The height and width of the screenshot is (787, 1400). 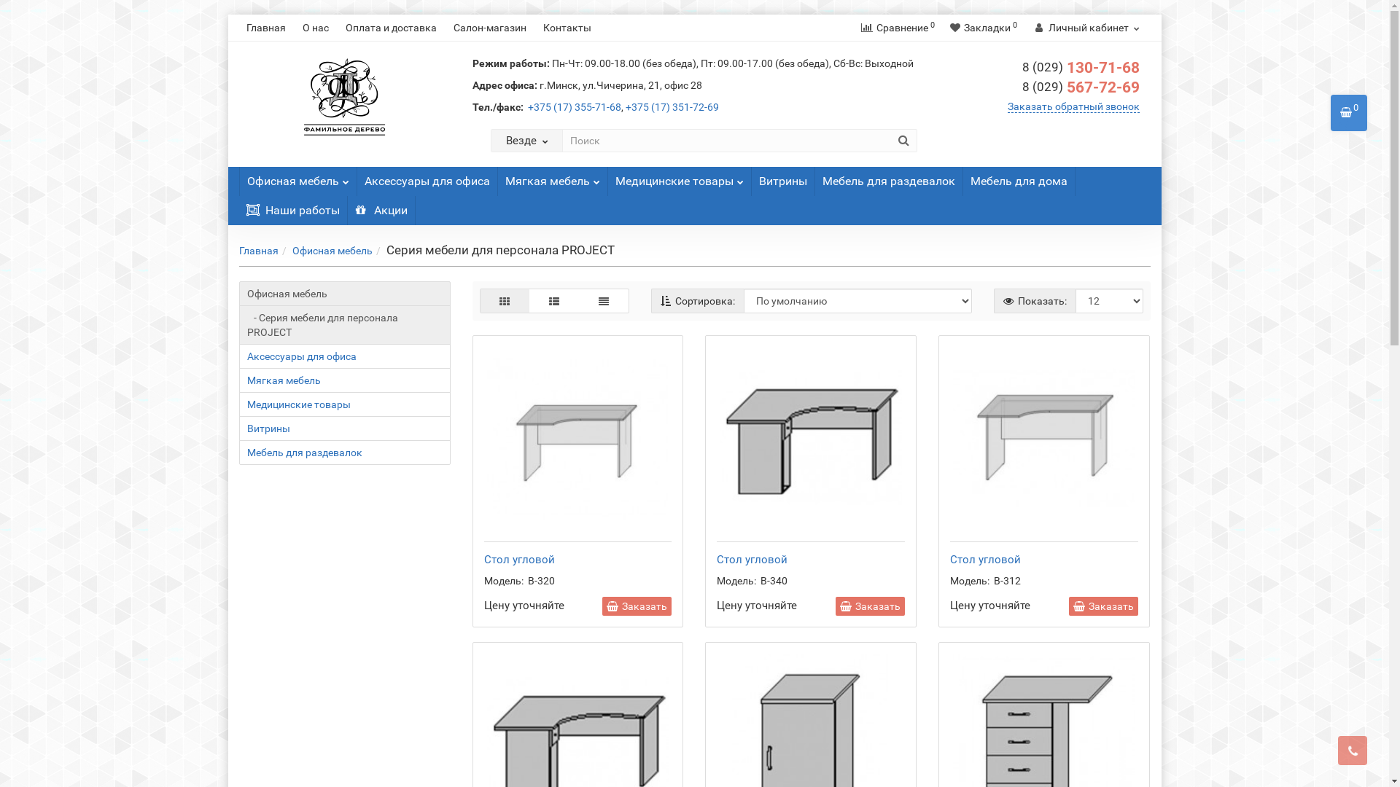 What do you see at coordinates (1347, 111) in the screenshot?
I see `'0'` at bounding box center [1347, 111].